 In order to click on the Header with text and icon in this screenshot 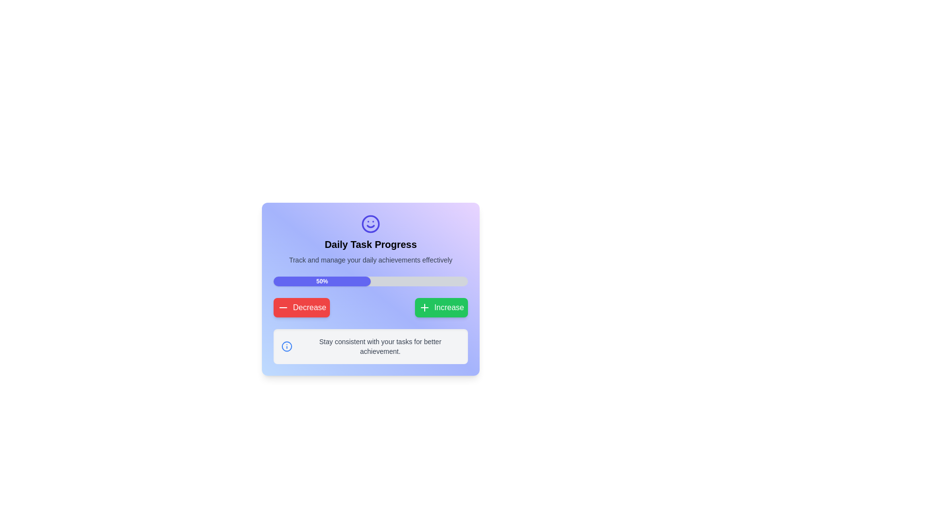, I will do `click(370, 240)`.